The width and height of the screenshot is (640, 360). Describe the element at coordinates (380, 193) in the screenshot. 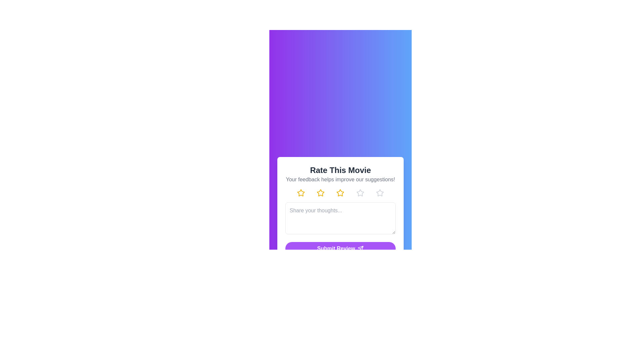

I see `the fourth star icon in the row of five stars used for rating, located beneath the text 'Rate This Movie'` at that location.